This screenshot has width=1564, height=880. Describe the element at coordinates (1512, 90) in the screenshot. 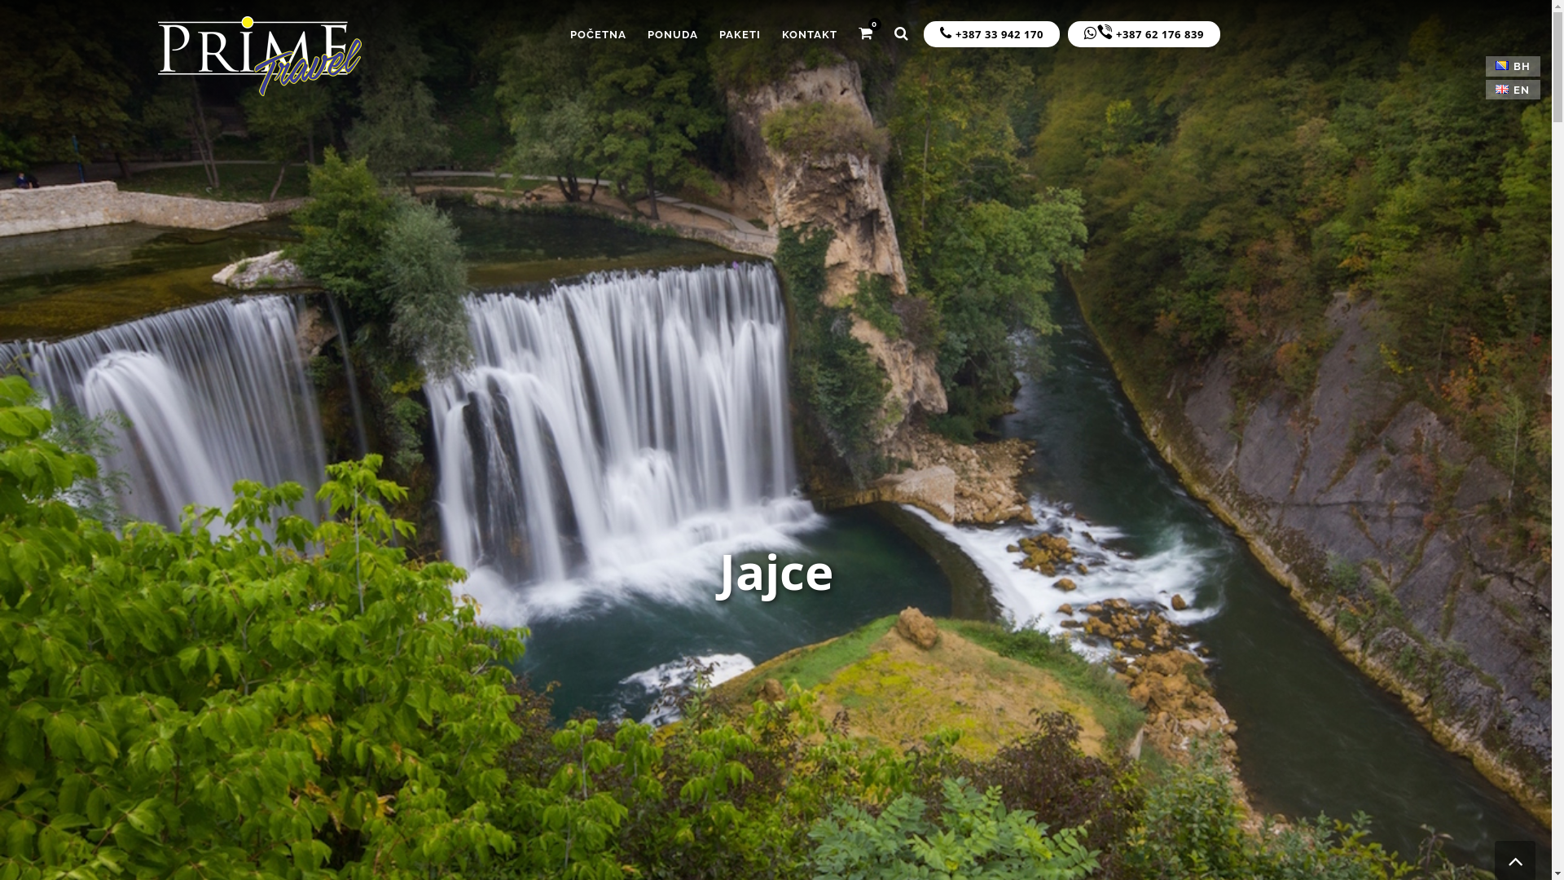

I see `'EN'` at that location.